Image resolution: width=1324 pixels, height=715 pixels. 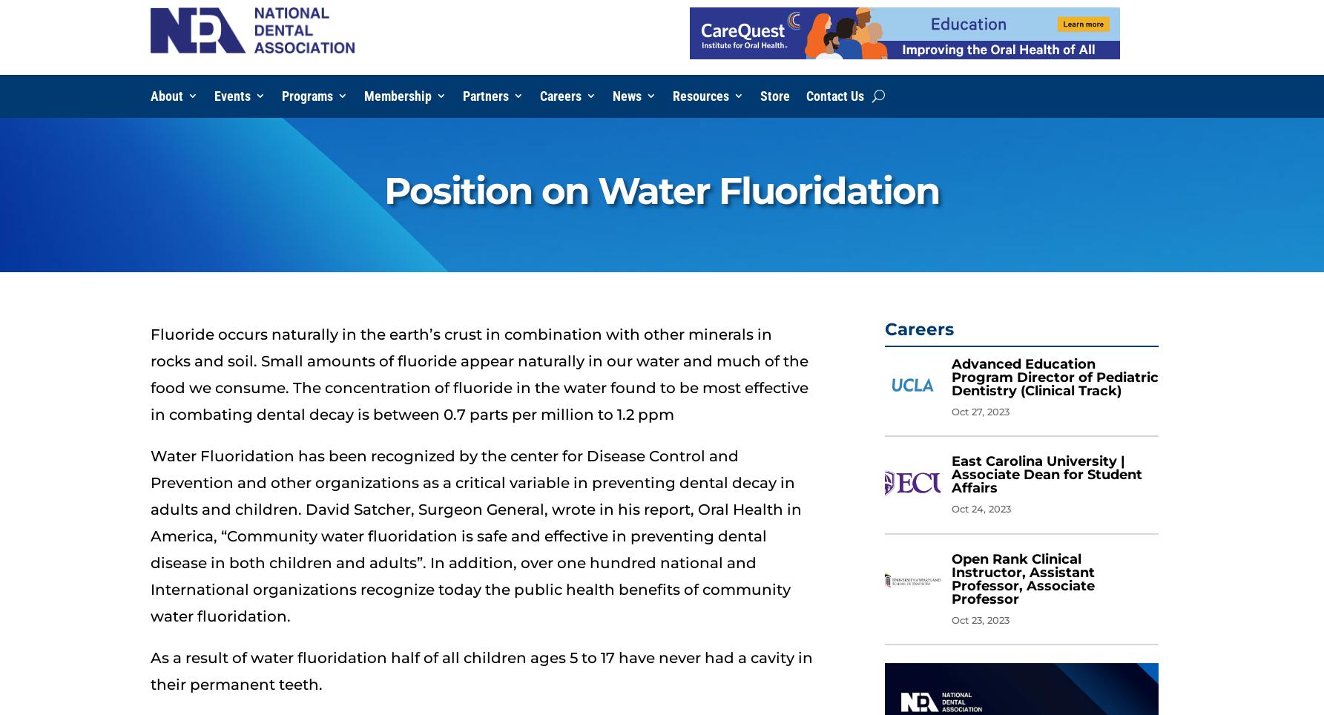 What do you see at coordinates (291, 309) in the screenshot?
I see `'Women’s Health Symposium'` at bounding box center [291, 309].